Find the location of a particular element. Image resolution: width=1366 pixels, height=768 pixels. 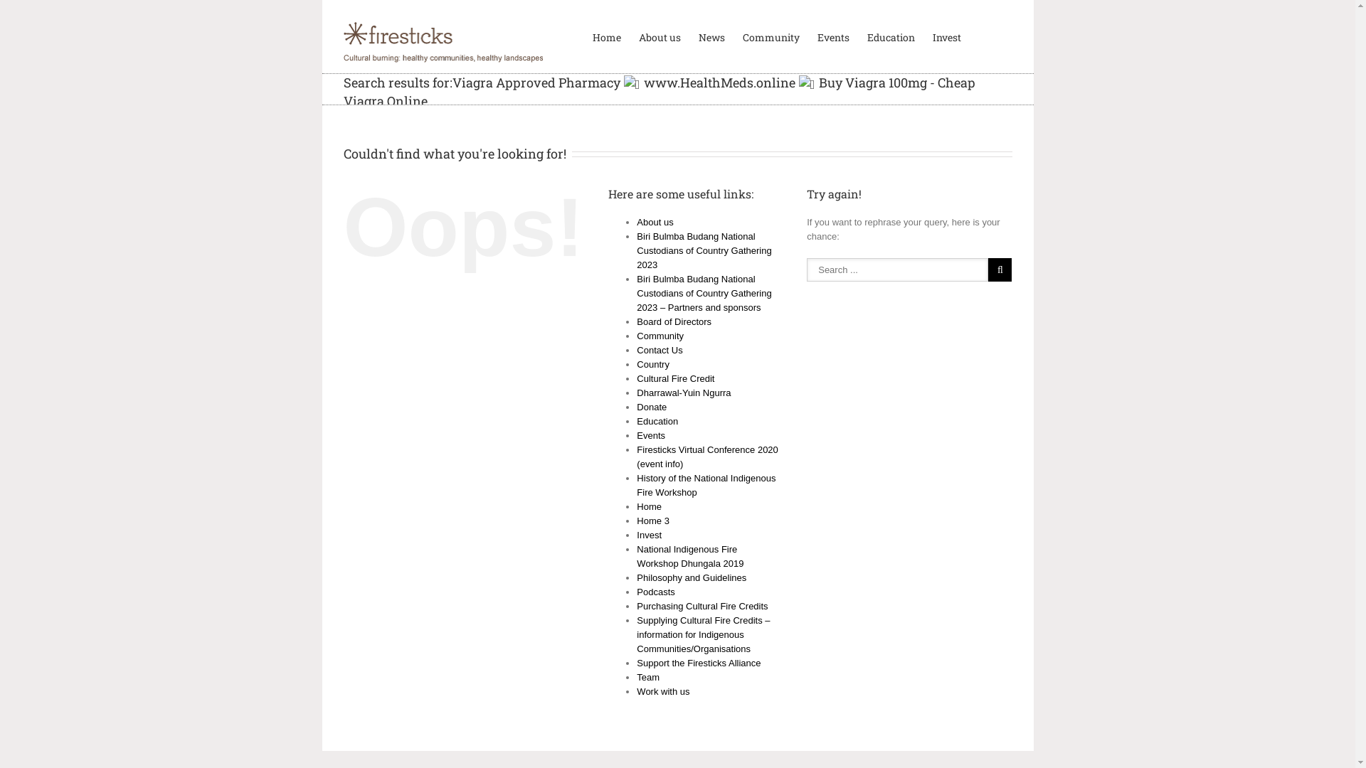

'Community' is located at coordinates (659, 336).